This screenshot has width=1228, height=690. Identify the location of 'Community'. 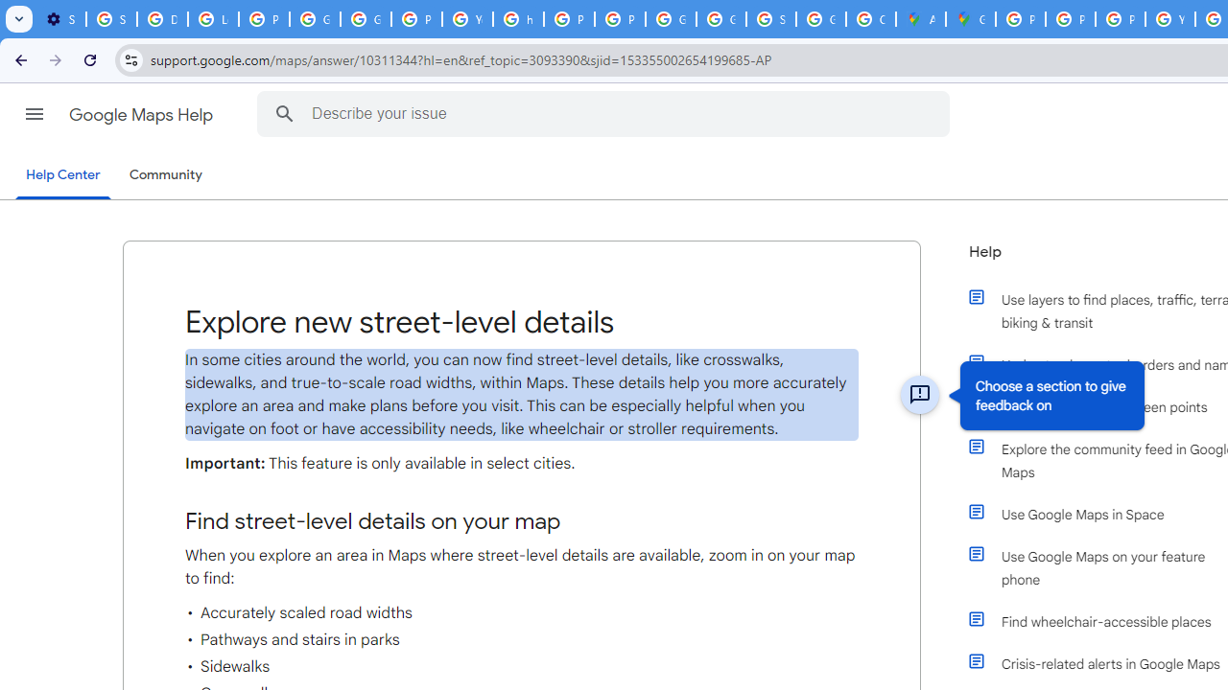
(165, 175).